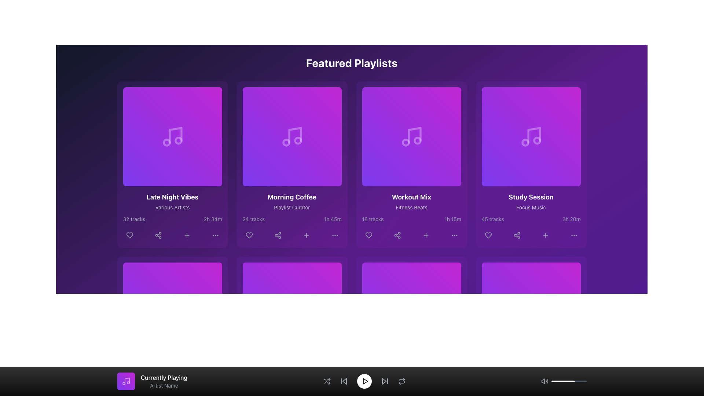  I want to click on the shuffle icon in the rightmost section of the bottom bar, so click(326, 381).